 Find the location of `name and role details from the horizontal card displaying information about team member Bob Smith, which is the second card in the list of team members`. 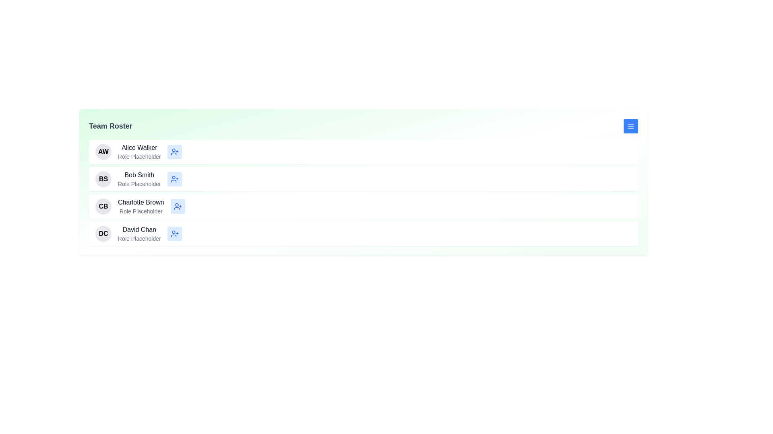

name and role details from the horizontal card displaying information about team member Bob Smith, which is the second card in the list of team members is located at coordinates (363, 179).